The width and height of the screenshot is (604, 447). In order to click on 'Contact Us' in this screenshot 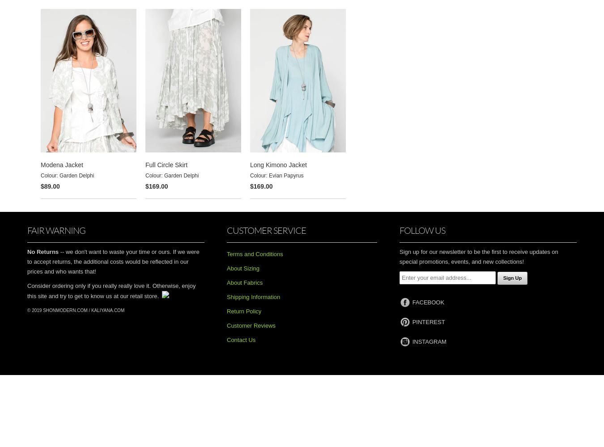, I will do `click(241, 339)`.